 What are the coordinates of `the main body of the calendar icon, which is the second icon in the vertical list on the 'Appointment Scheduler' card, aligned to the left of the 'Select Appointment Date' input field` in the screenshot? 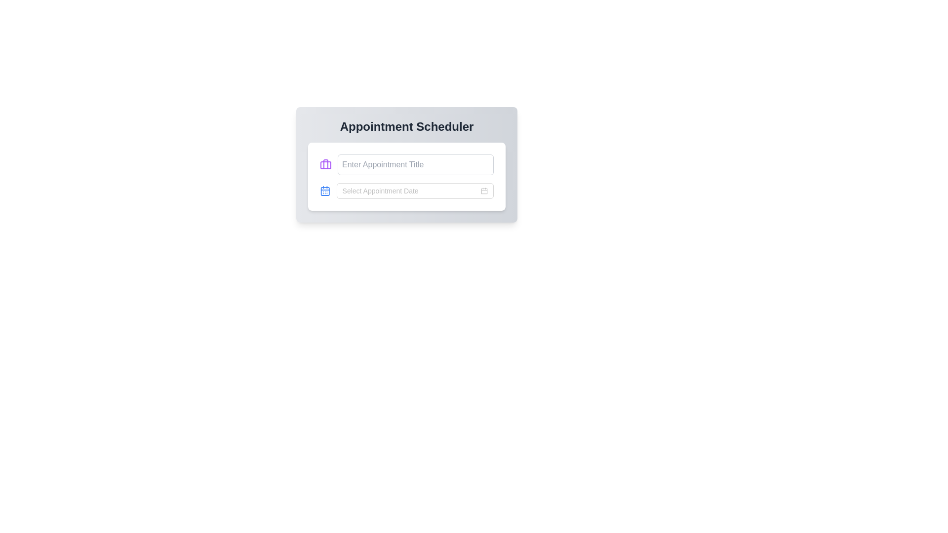 It's located at (325, 191).